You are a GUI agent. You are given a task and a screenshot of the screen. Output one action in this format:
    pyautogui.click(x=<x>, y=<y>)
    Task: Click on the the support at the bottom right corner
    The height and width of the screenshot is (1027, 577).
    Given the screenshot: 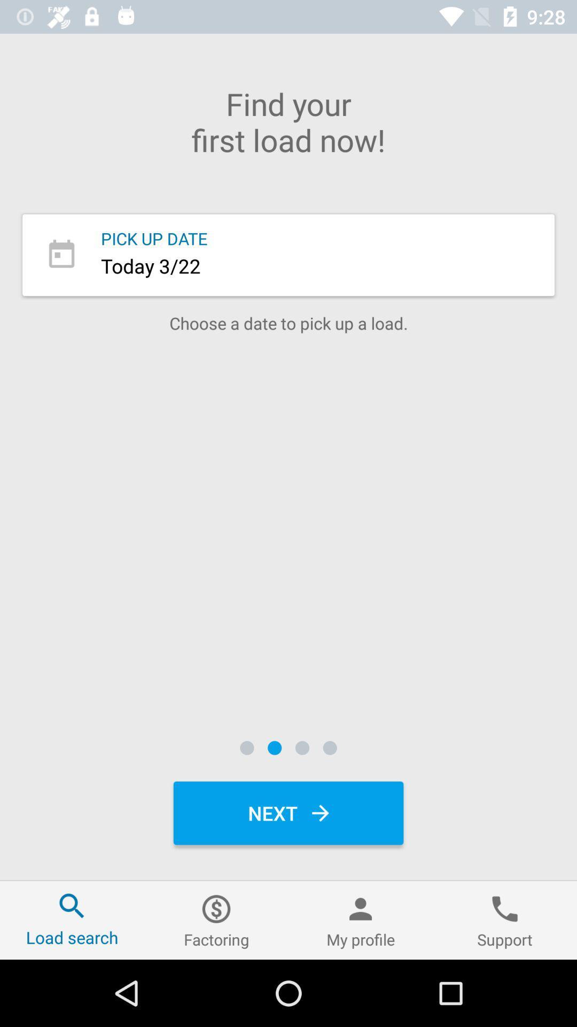 What is the action you would take?
    pyautogui.click(x=505, y=919)
    